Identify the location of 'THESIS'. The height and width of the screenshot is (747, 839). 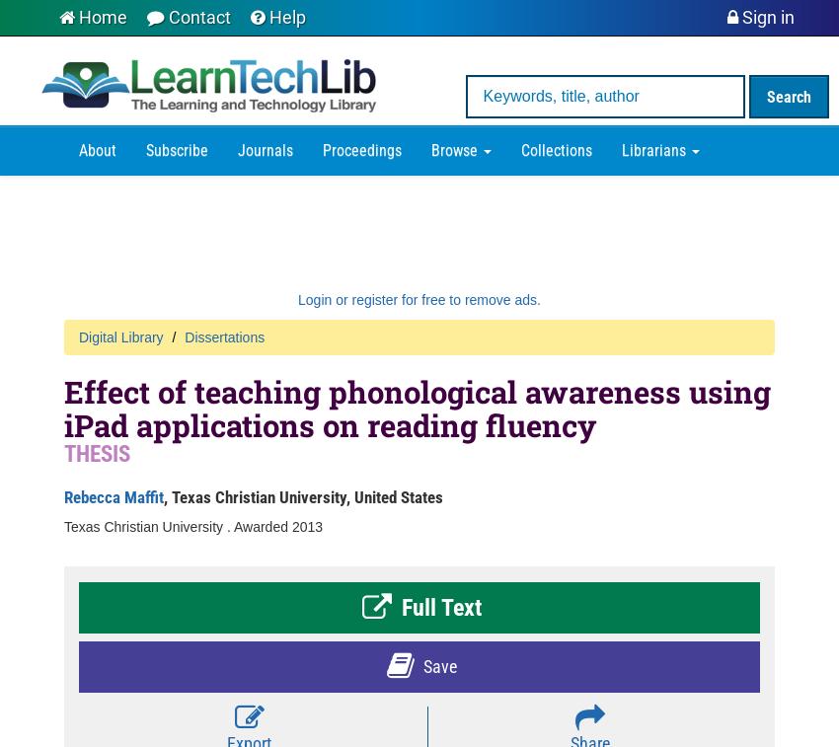
(96, 452).